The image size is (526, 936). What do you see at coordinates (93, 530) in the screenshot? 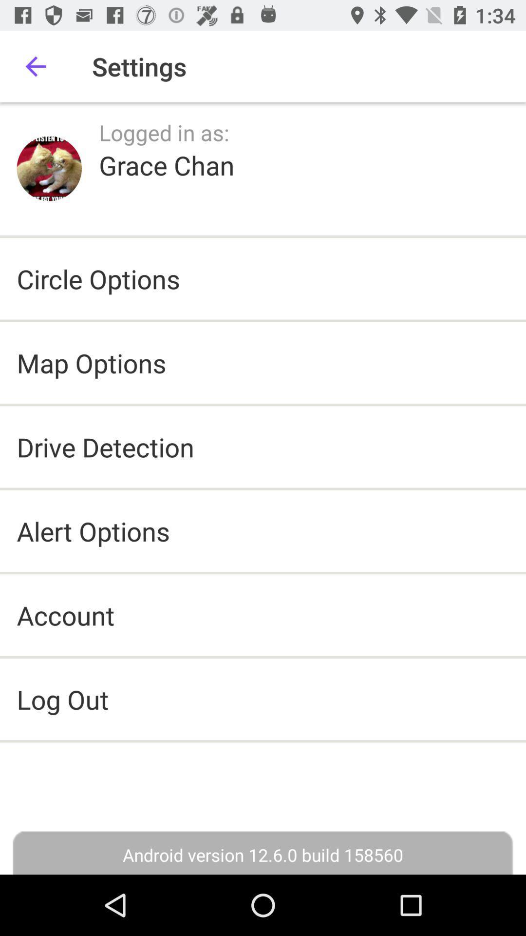
I see `the alert options` at bounding box center [93, 530].